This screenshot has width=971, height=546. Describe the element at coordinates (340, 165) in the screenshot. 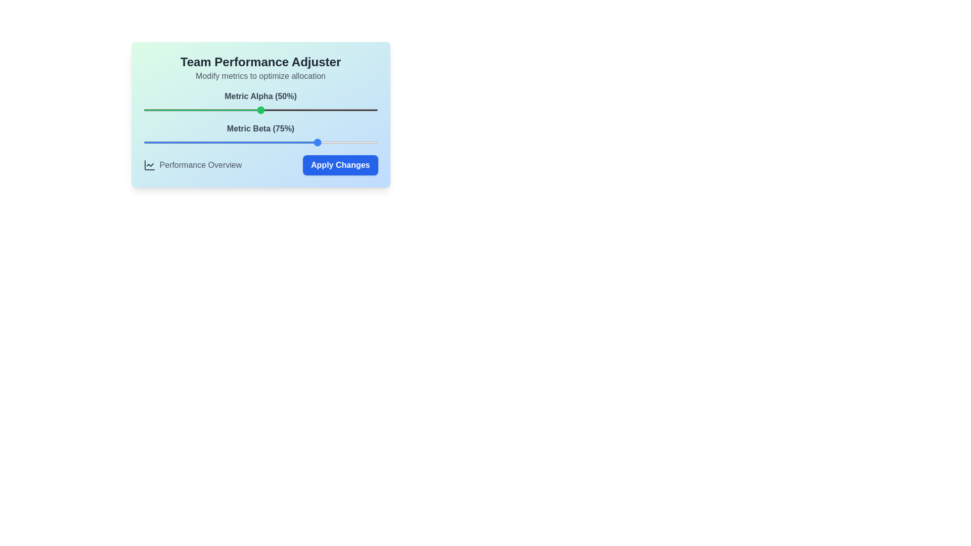

I see `'Apply Changes' button` at that location.